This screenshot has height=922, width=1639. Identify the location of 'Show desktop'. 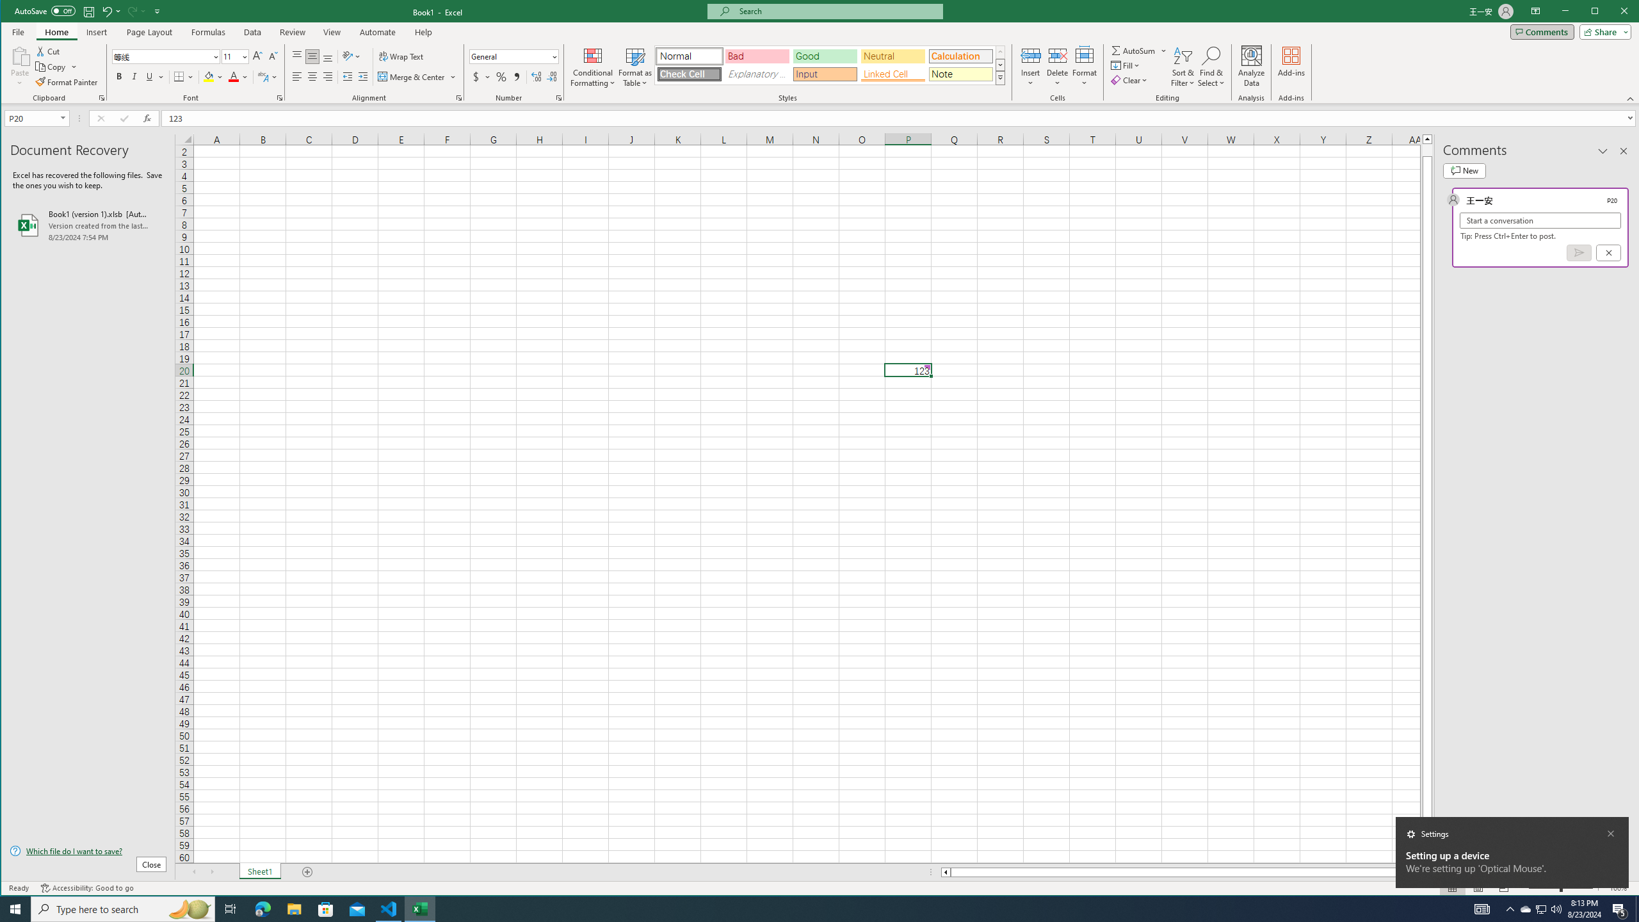
(1636, 908).